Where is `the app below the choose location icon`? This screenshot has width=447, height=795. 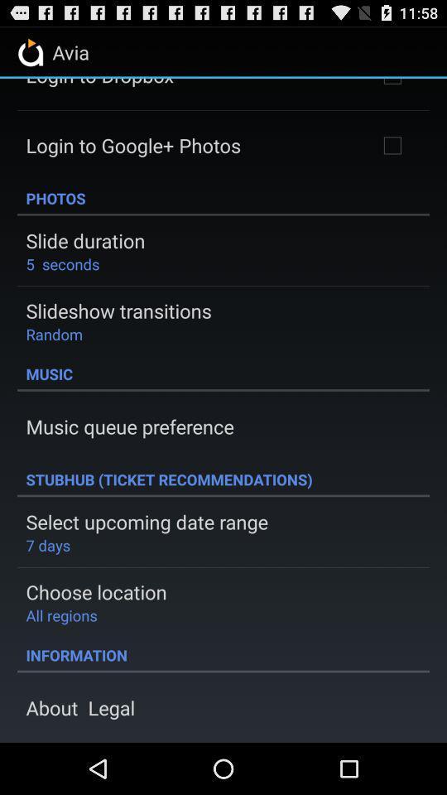 the app below the choose location icon is located at coordinates (60, 614).